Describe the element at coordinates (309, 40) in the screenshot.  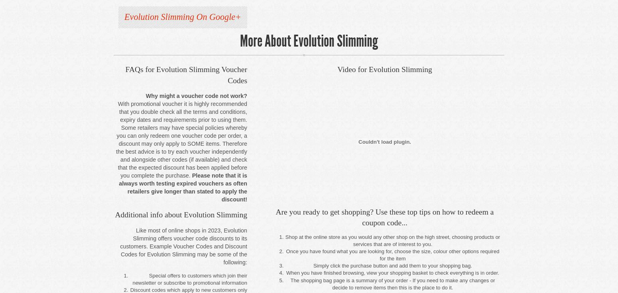
I see `'More About Evolution Slimming'` at that location.